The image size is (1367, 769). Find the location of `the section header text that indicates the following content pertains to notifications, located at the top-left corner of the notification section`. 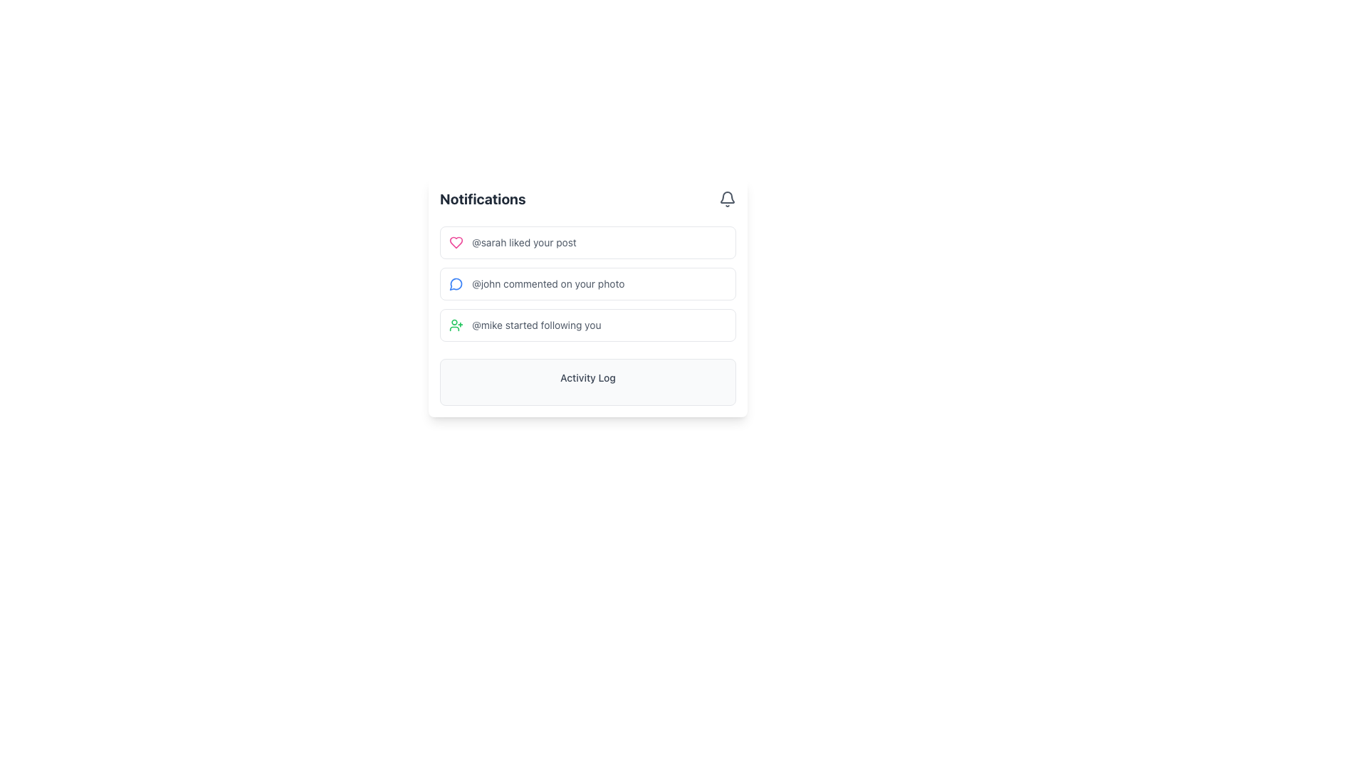

the section header text that indicates the following content pertains to notifications, located at the top-left corner of the notification section is located at coordinates (483, 199).